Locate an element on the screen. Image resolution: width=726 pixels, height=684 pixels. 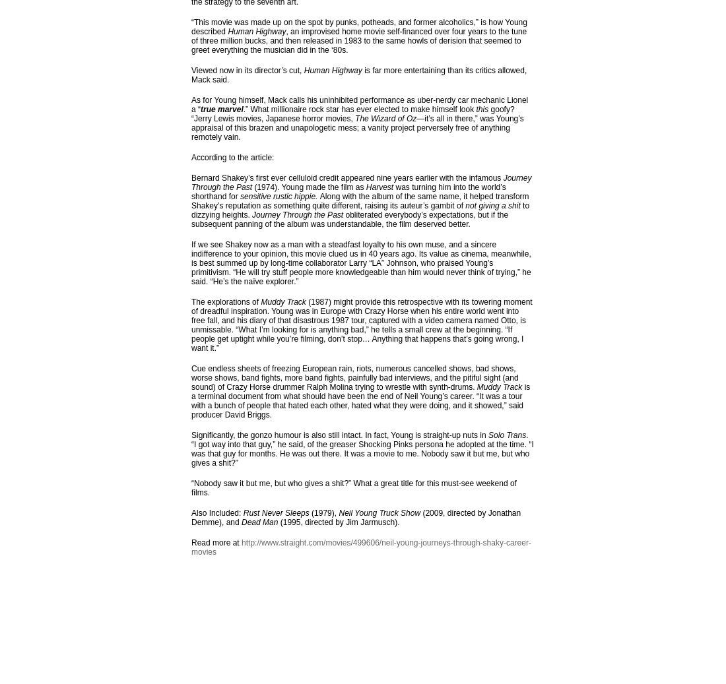
'Neil Young Truck Show' is located at coordinates (378, 513).